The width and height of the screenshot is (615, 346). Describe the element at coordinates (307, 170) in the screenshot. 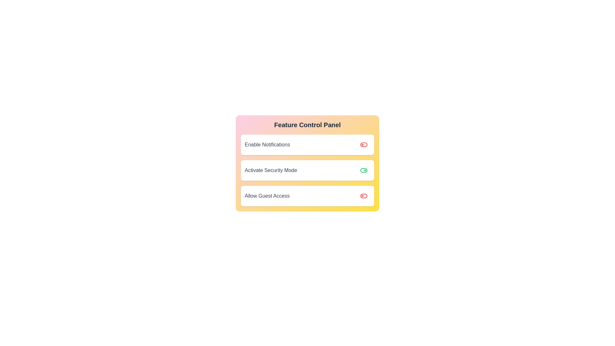

I see `the toggle switch in the Feature Control Panel` at that location.